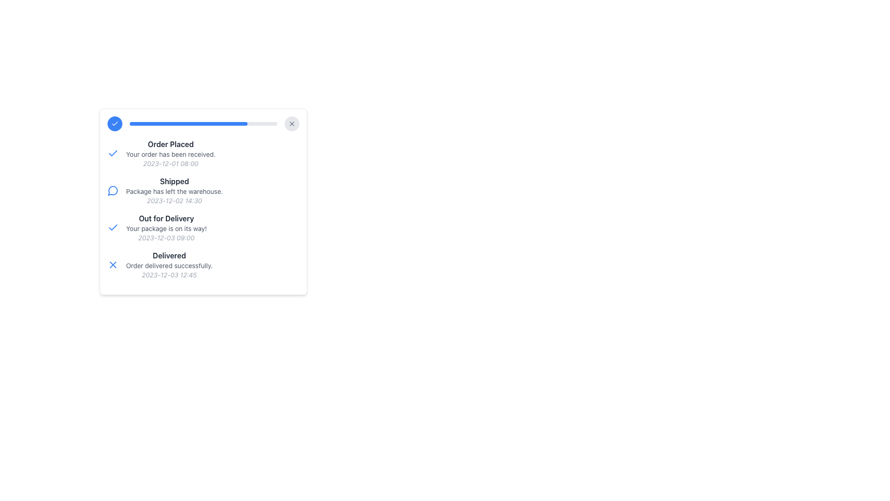 This screenshot has width=890, height=501. I want to click on the Status Indicator element displaying 'Out for Delivery' with the message 'Your package is on its way!' and timestamp '2023-12-03 09:00', so click(203, 227).